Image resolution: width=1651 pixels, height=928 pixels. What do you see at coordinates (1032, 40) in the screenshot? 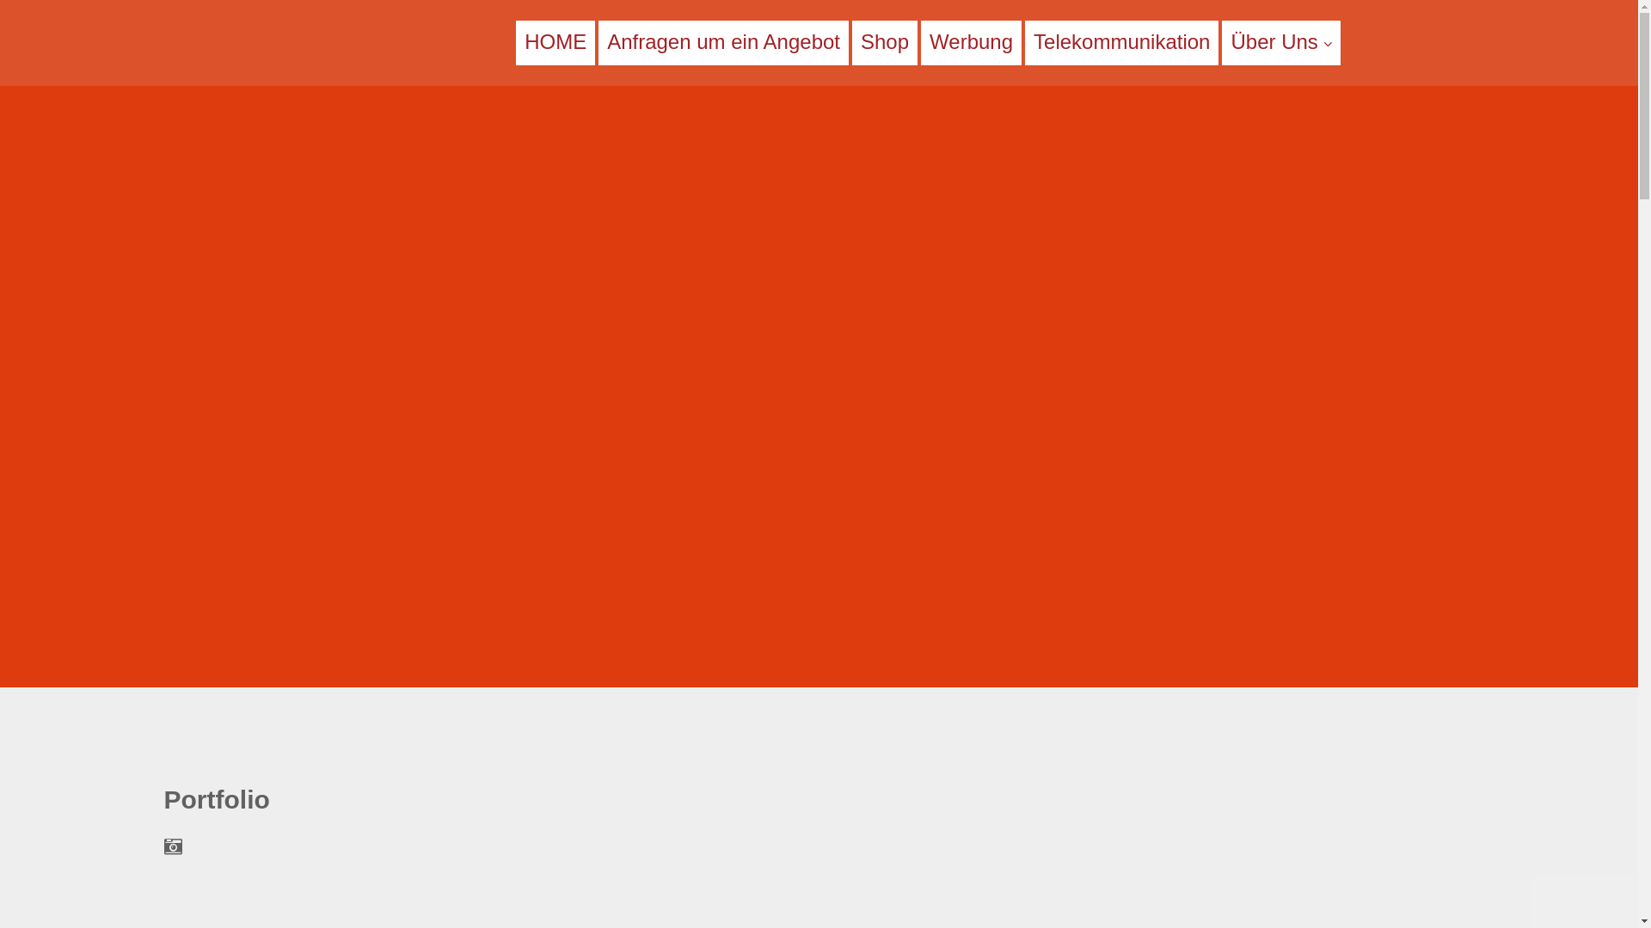
I see `'Telekommunikation'` at bounding box center [1032, 40].